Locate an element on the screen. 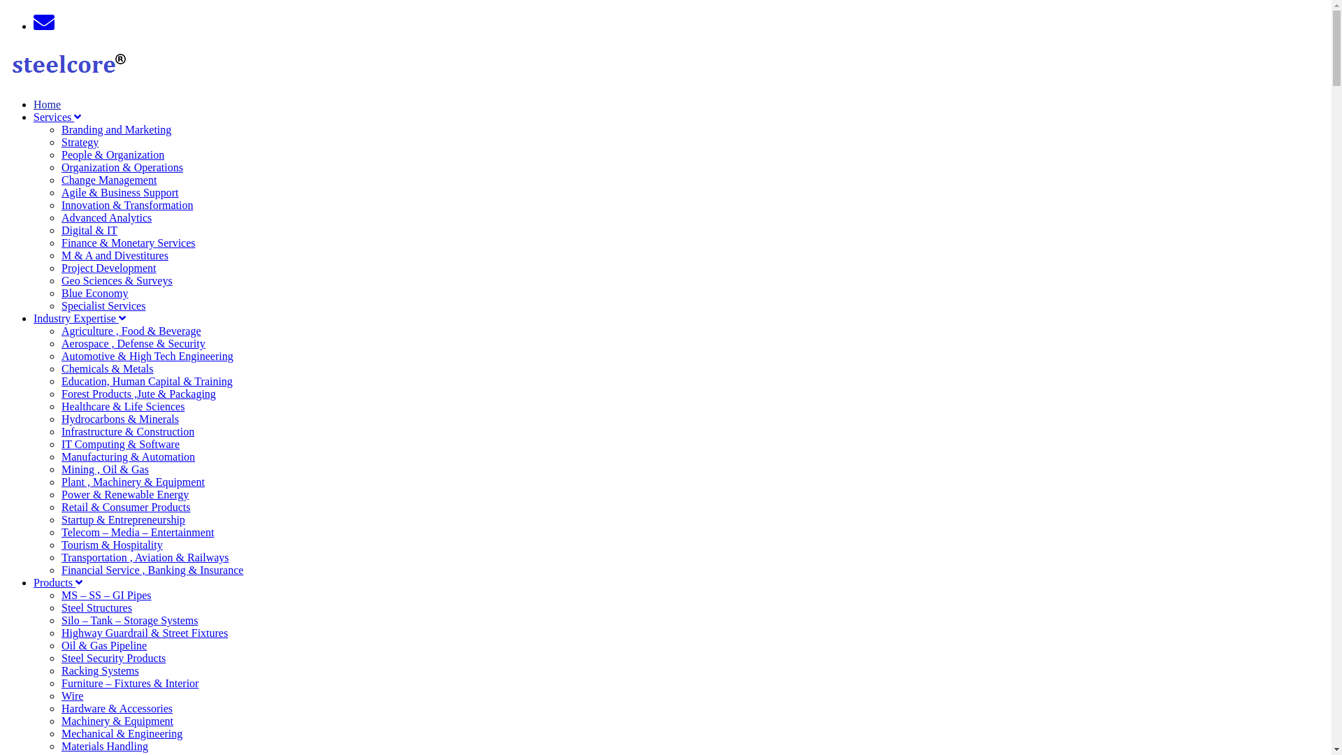 This screenshot has height=755, width=1342. 'People & Organization' is located at coordinates (113, 154).